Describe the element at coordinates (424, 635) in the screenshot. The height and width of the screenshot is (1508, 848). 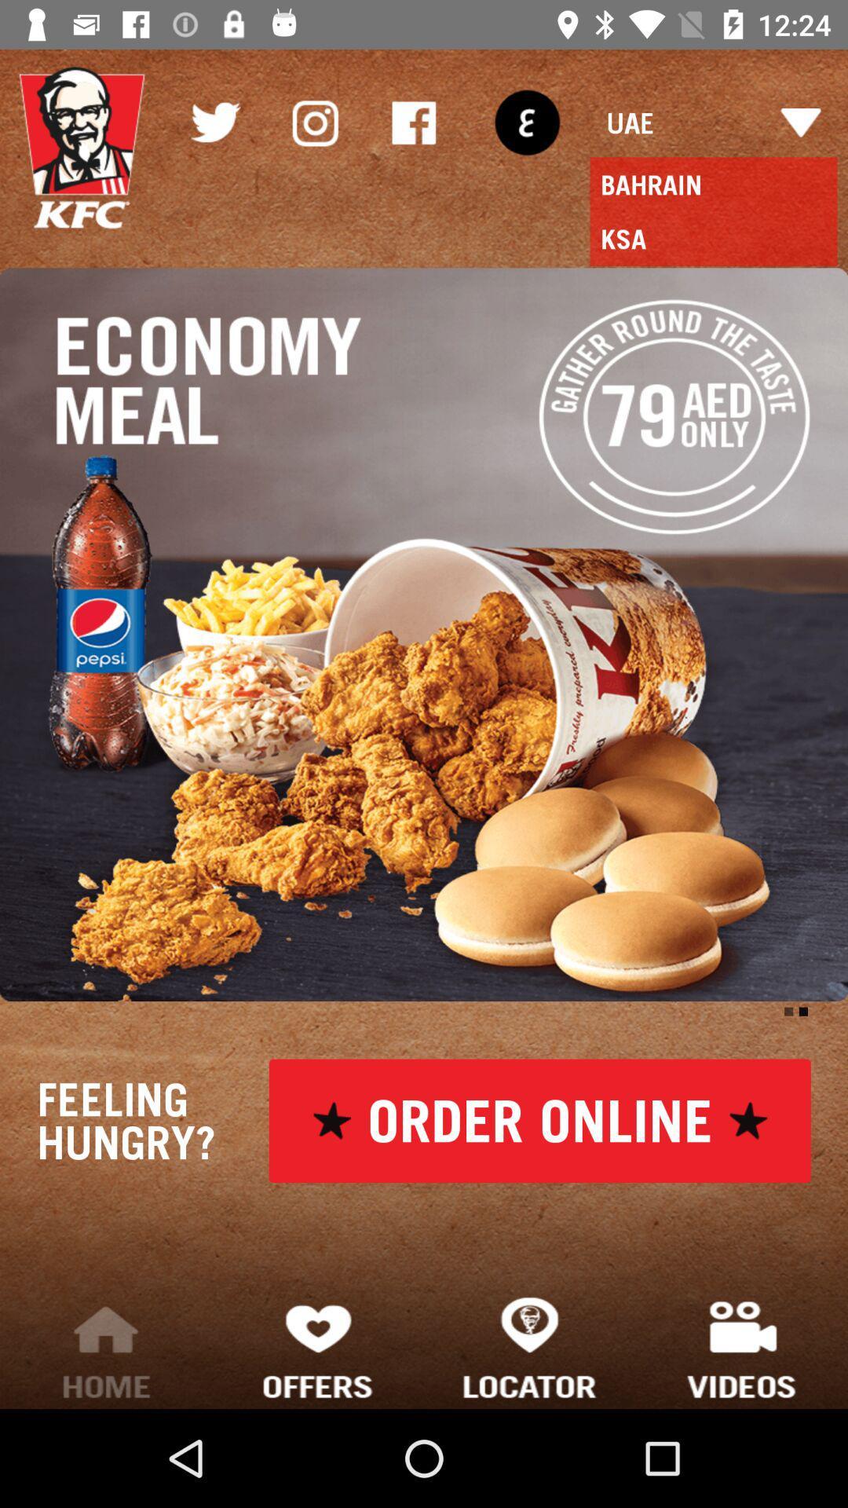
I see `the item below the ksa icon` at that location.